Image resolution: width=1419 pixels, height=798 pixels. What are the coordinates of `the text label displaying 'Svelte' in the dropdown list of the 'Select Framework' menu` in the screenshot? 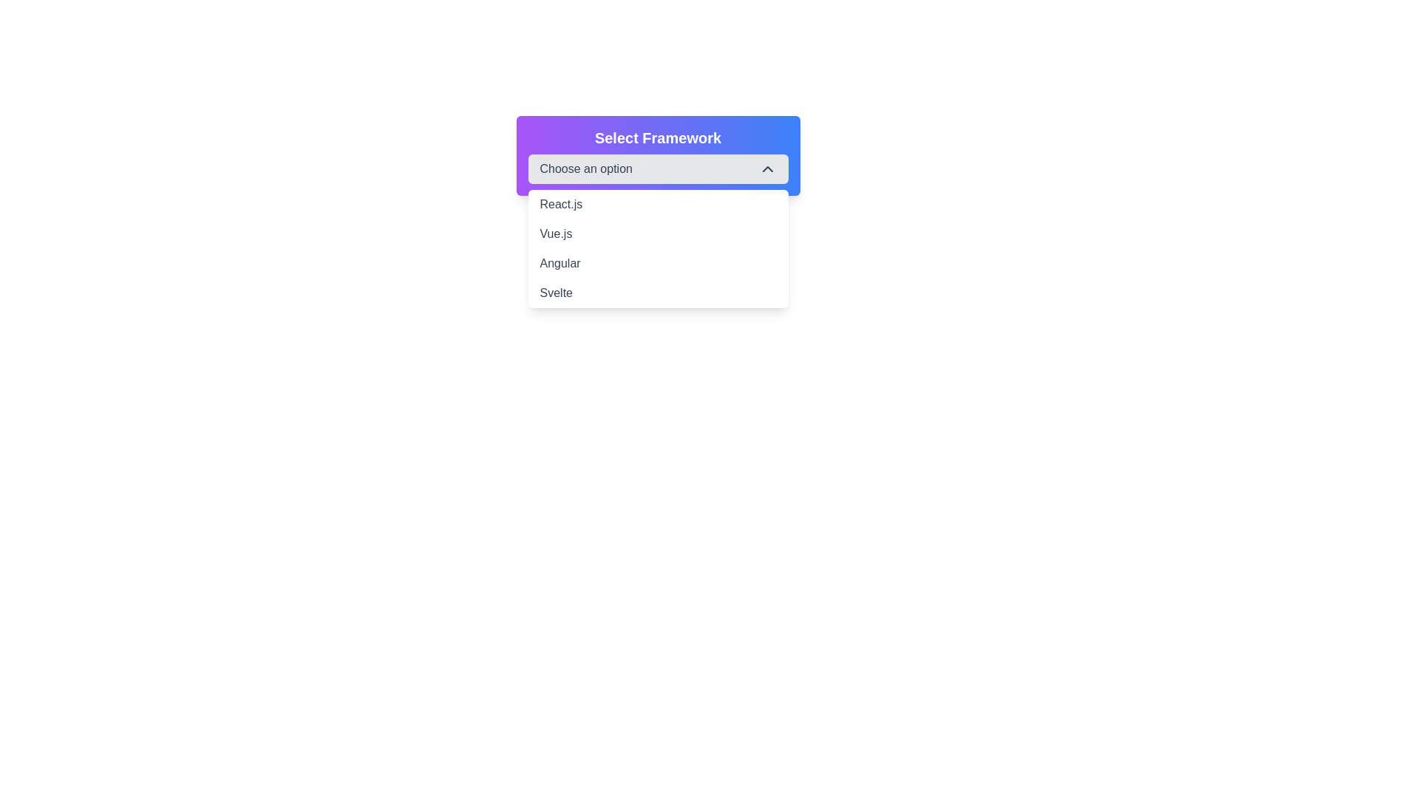 It's located at (555, 293).